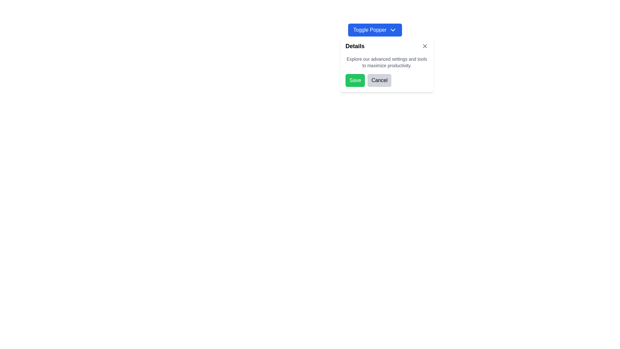 The width and height of the screenshot is (620, 349). Describe the element at coordinates (406, 30) in the screenshot. I see `the Toggle Button with Dropdown located at the top-left corner of the layout` at that location.